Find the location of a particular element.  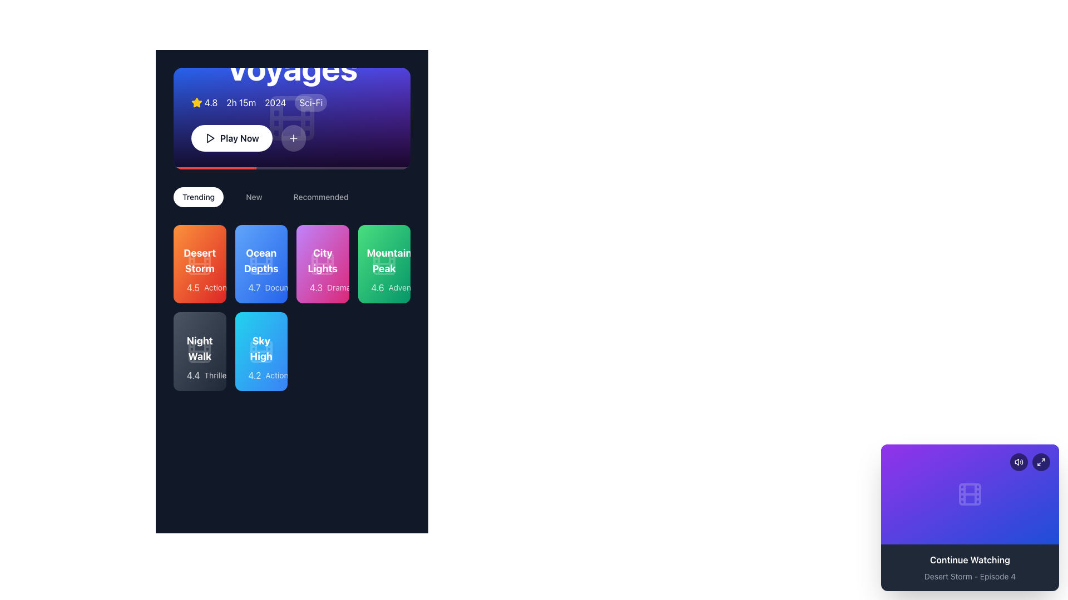

the navigation button labeled 'New' is located at coordinates (253, 196).